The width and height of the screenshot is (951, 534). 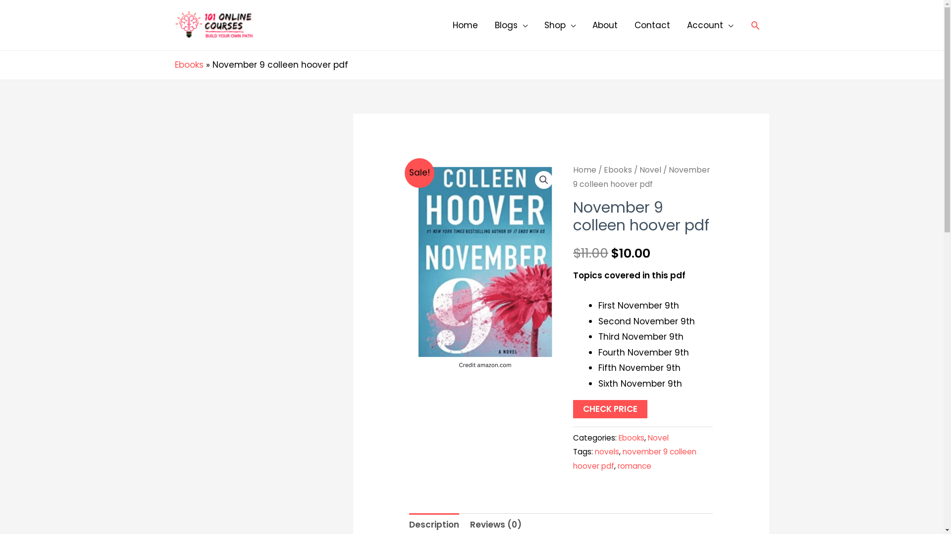 I want to click on 'romance', so click(x=634, y=466).